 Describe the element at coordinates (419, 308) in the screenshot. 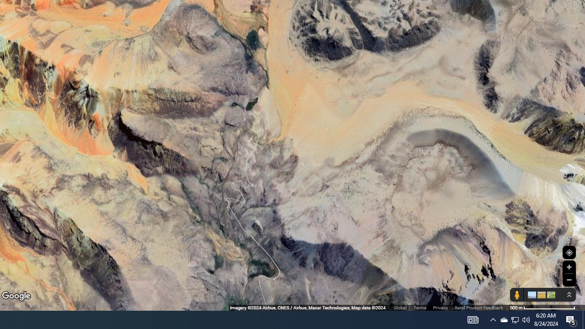

I see `'Terms'` at that location.